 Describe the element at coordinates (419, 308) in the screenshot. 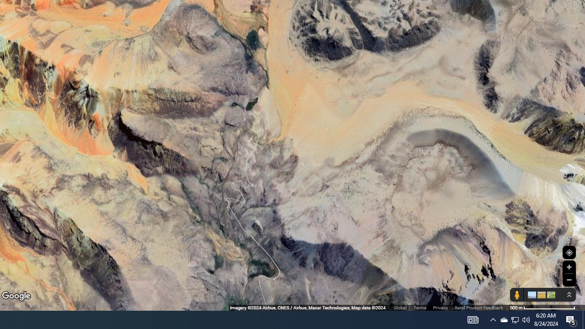

I see `'Terms'` at that location.